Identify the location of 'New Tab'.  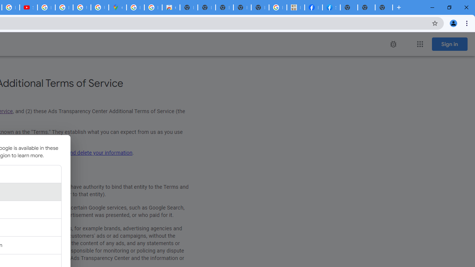
(384, 7).